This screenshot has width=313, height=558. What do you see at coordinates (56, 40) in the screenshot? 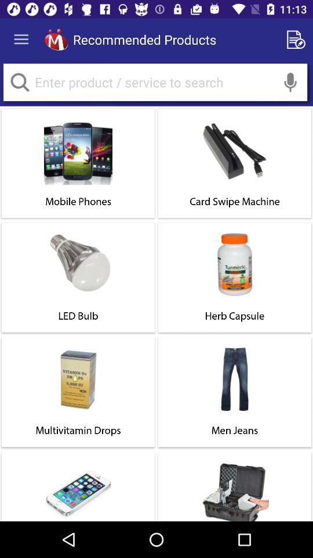
I see `app to the left of the recommended products` at bounding box center [56, 40].